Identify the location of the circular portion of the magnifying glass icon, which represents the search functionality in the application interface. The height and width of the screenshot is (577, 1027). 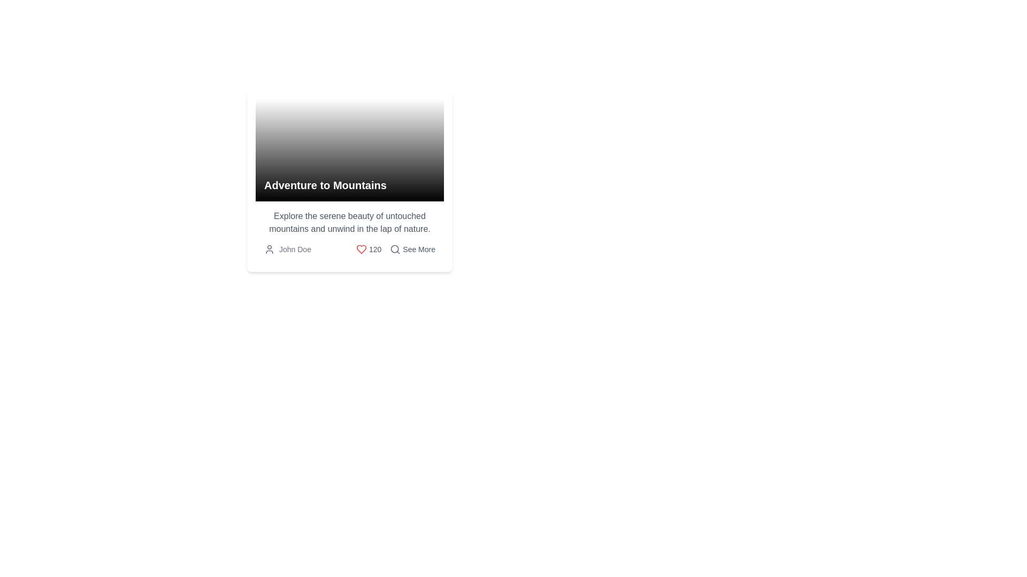
(394, 249).